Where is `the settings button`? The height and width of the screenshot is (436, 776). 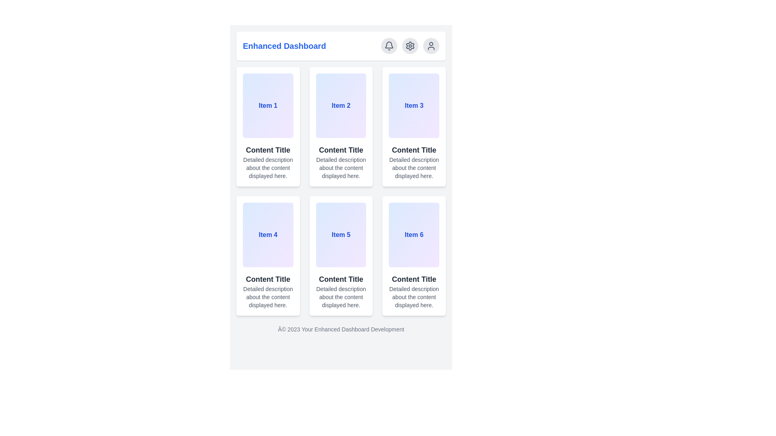
the settings button is located at coordinates (410, 46).